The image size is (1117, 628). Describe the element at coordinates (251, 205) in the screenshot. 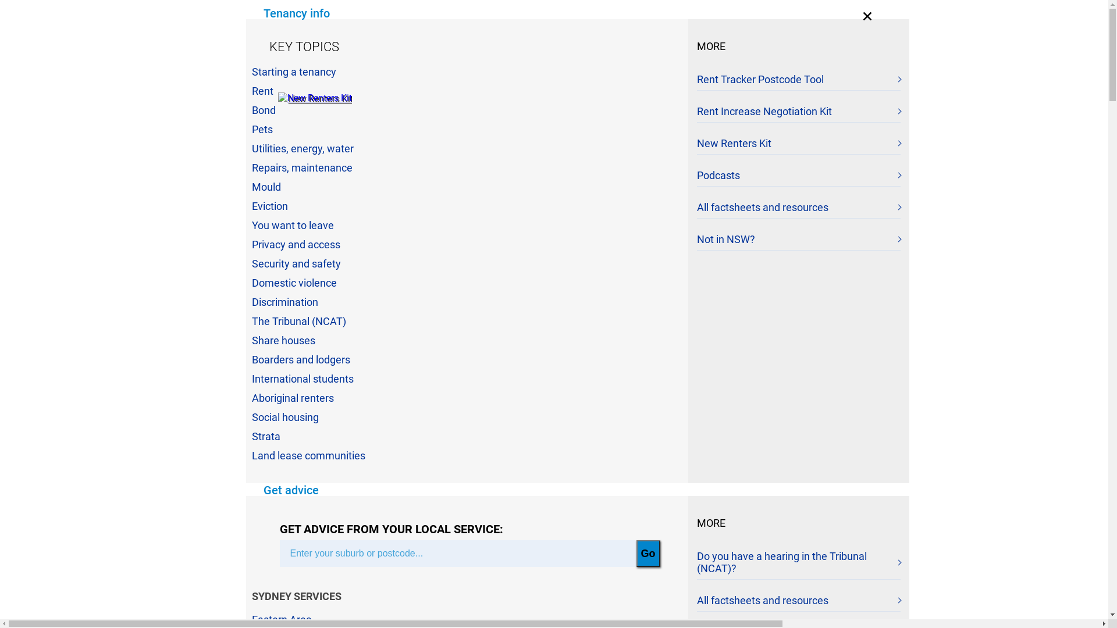

I see `'Eviction'` at that location.